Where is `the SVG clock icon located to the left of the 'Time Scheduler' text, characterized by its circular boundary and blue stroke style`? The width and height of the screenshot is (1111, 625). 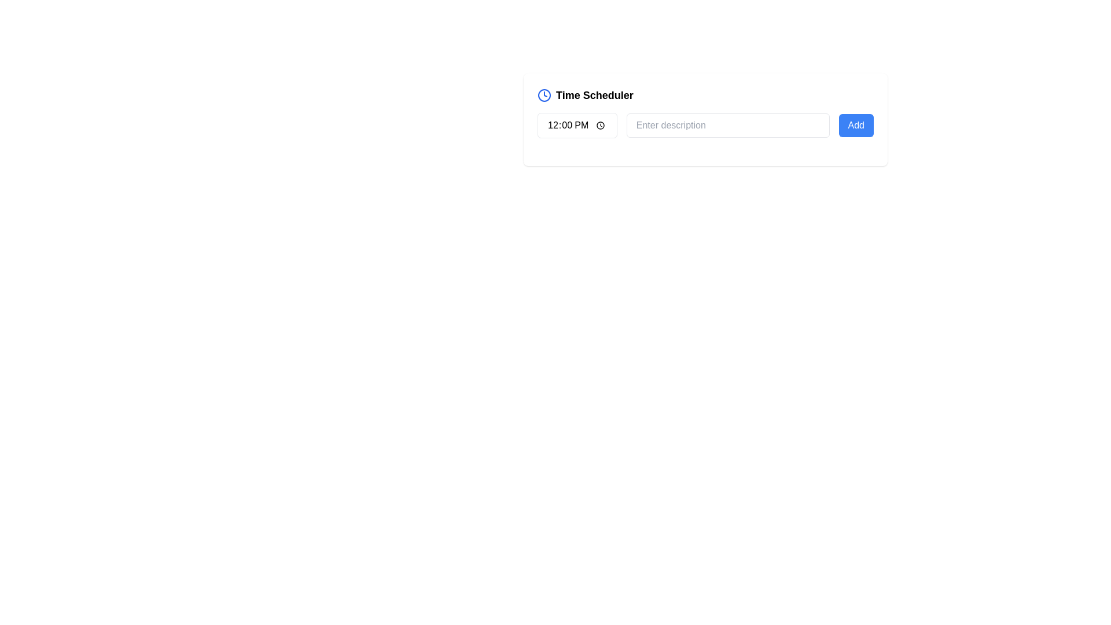 the SVG clock icon located to the left of the 'Time Scheduler' text, characterized by its circular boundary and blue stroke style is located at coordinates (543, 95).